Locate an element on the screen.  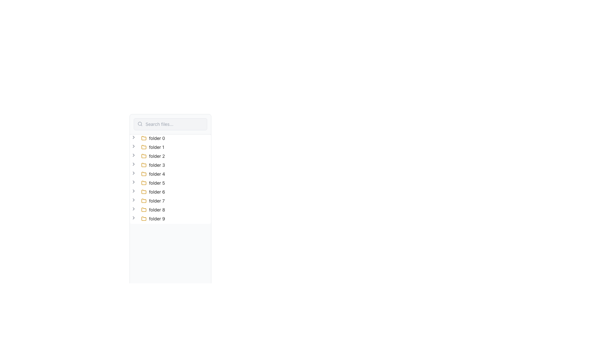
the chevron icon button (rightward arrow) located to the left of the 'folder 7' label is located at coordinates (133, 199).